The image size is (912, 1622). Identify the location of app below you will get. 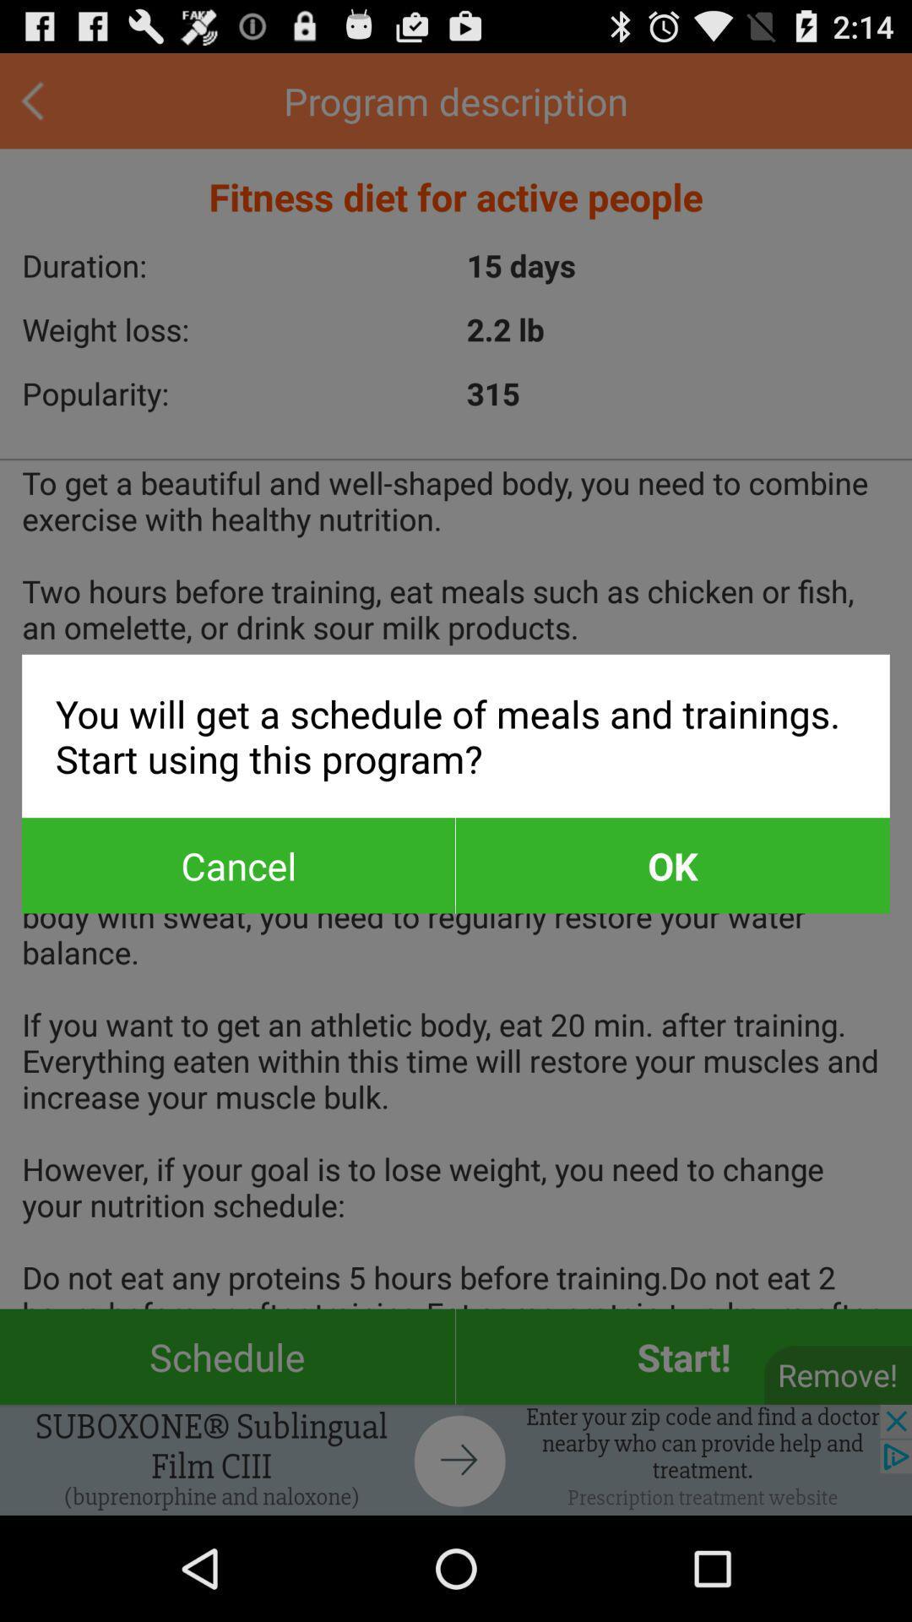
(238, 865).